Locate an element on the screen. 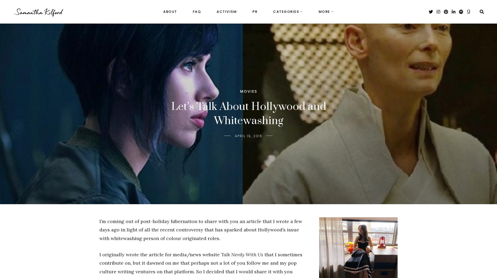  'Talk Nerdy With Us' is located at coordinates (221, 254).